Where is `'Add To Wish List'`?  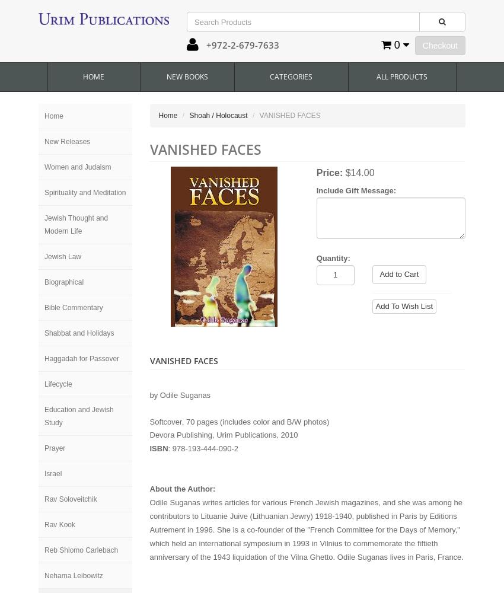 'Add To Wish List' is located at coordinates (403, 306).